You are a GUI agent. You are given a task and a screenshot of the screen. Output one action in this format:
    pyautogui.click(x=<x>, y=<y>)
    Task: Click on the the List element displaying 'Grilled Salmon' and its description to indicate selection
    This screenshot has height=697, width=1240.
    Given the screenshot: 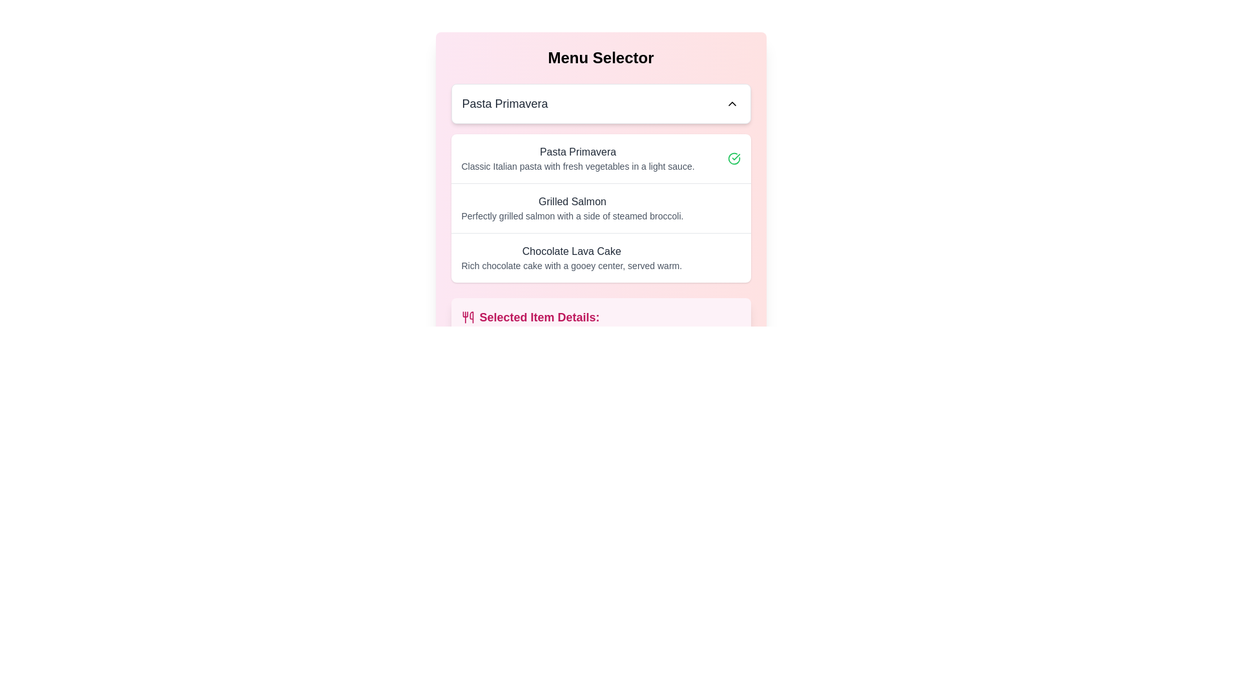 What is the action you would take?
    pyautogui.click(x=600, y=207)
    